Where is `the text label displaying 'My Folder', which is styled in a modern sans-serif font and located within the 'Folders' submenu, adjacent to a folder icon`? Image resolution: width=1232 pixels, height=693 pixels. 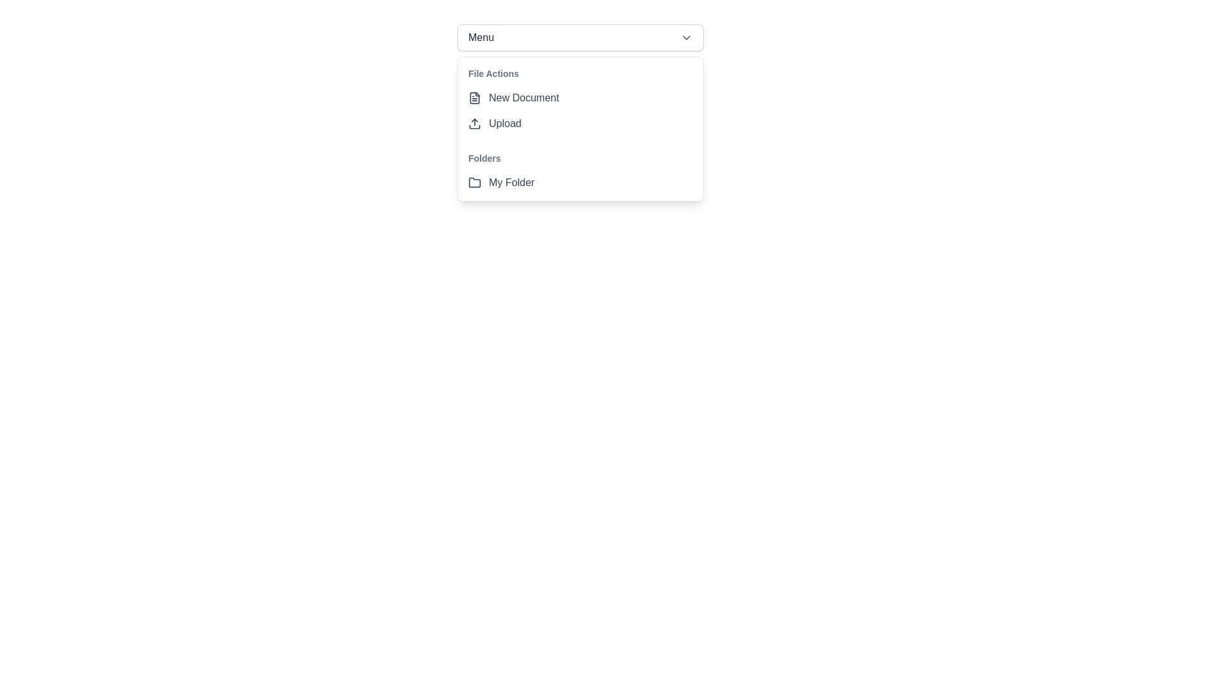 the text label displaying 'My Folder', which is styled in a modern sans-serif font and located within the 'Folders' submenu, adjacent to a folder icon is located at coordinates (511, 183).